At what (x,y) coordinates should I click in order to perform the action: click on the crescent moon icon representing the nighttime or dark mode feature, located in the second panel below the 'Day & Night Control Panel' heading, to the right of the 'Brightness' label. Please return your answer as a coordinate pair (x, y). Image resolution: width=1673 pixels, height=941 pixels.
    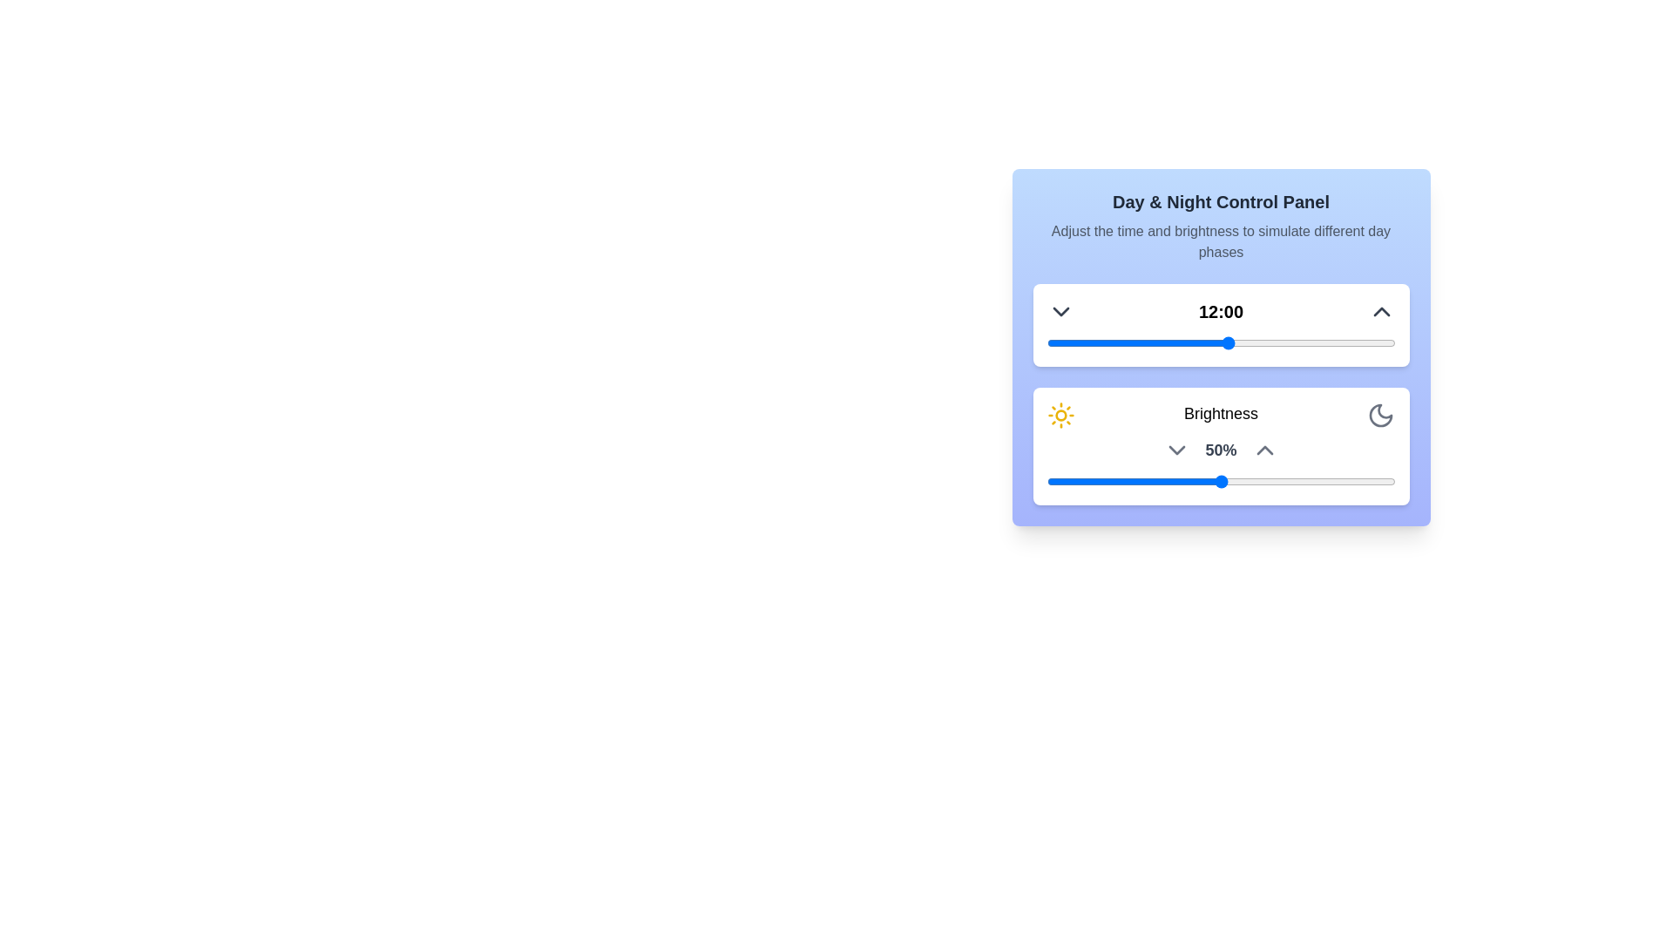
    Looking at the image, I should click on (1380, 416).